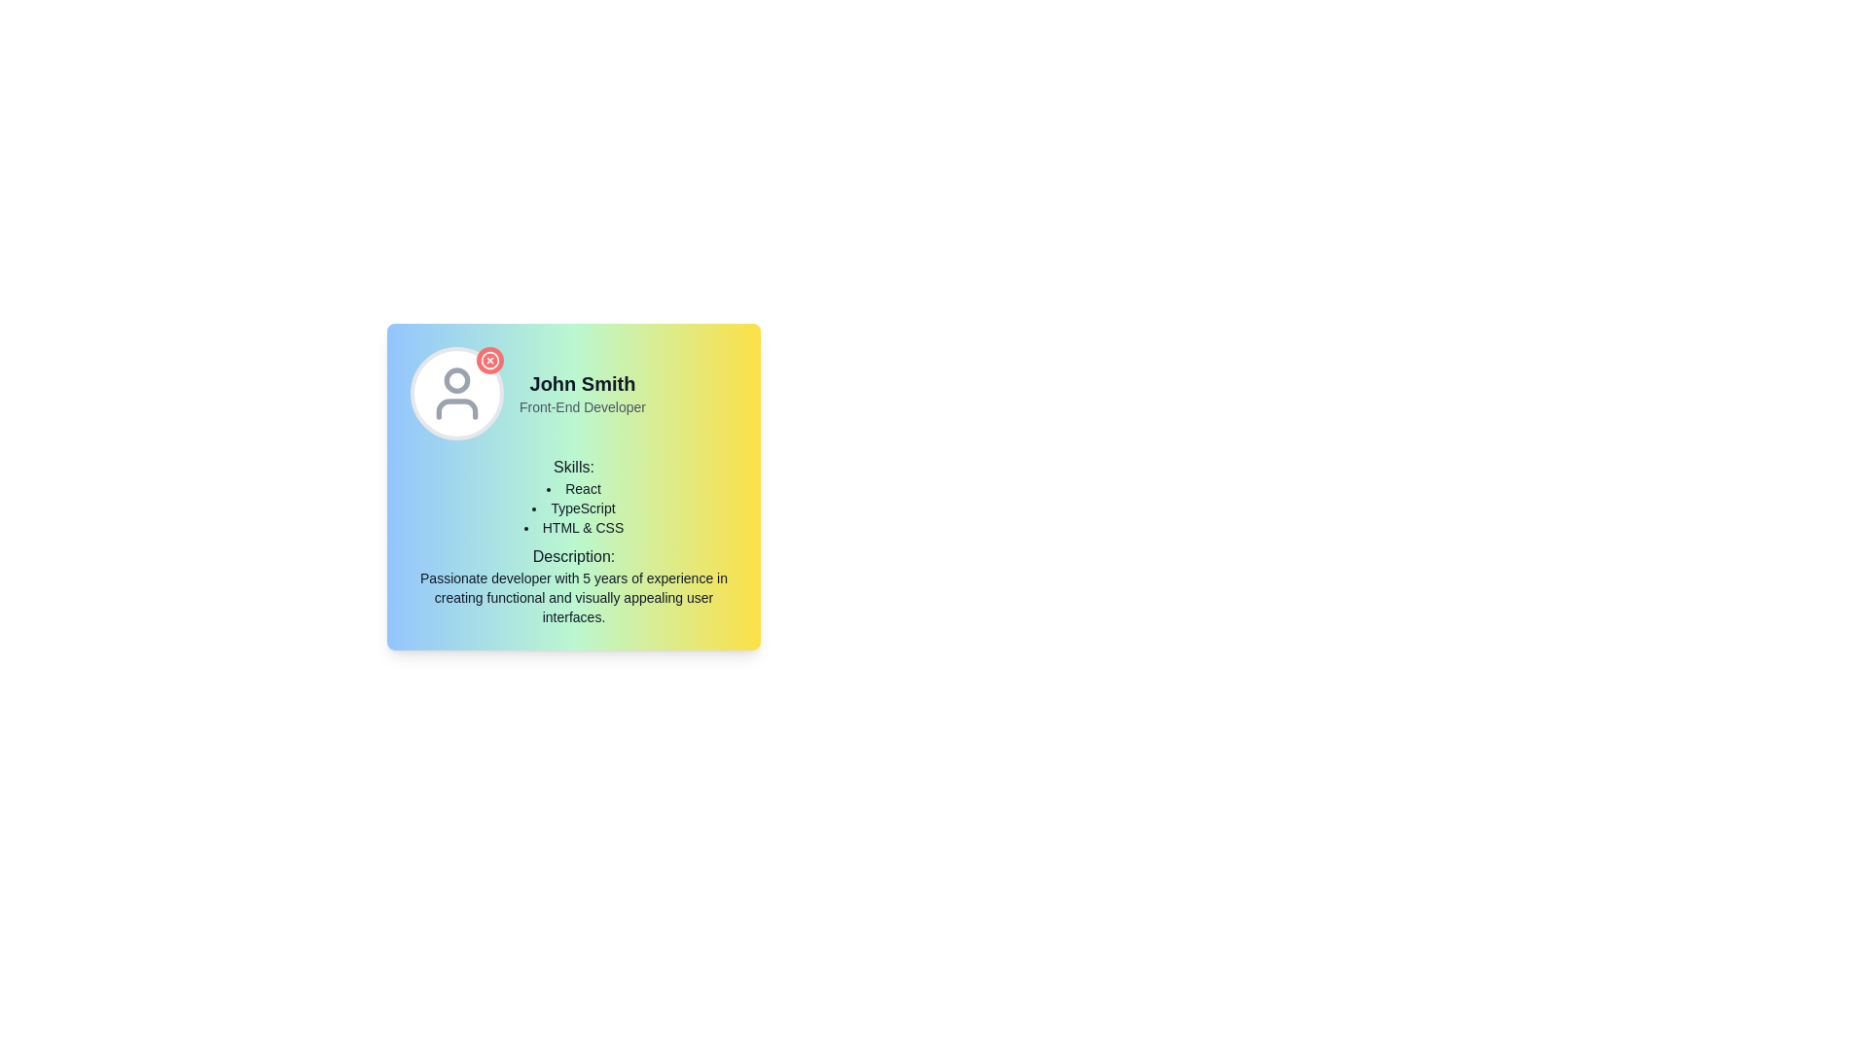 The image size is (1868, 1050). I want to click on the Text block containing the header and bullet-pointed list of skills or technologies related to the individual, located near the center-left of the interface, directly below the 'John Smith' label, so click(573, 495).